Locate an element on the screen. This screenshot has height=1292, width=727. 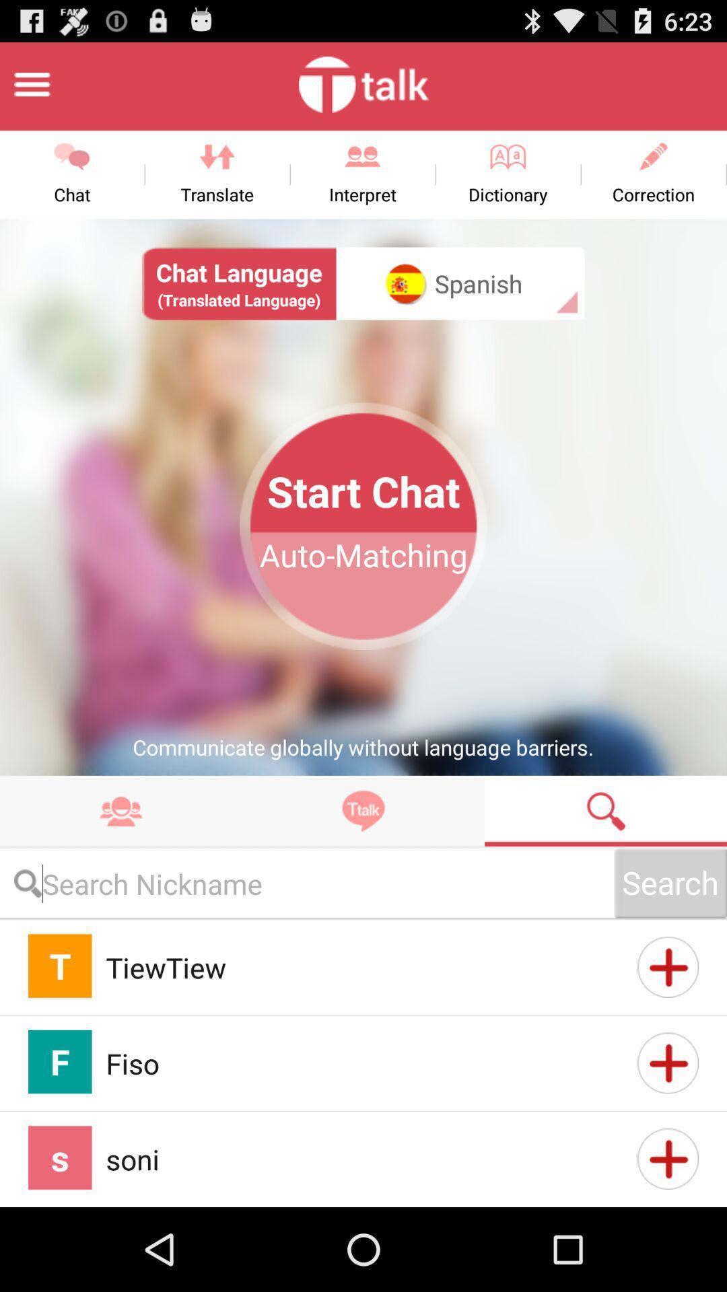
to contacts is located at coordinates (668, 966).